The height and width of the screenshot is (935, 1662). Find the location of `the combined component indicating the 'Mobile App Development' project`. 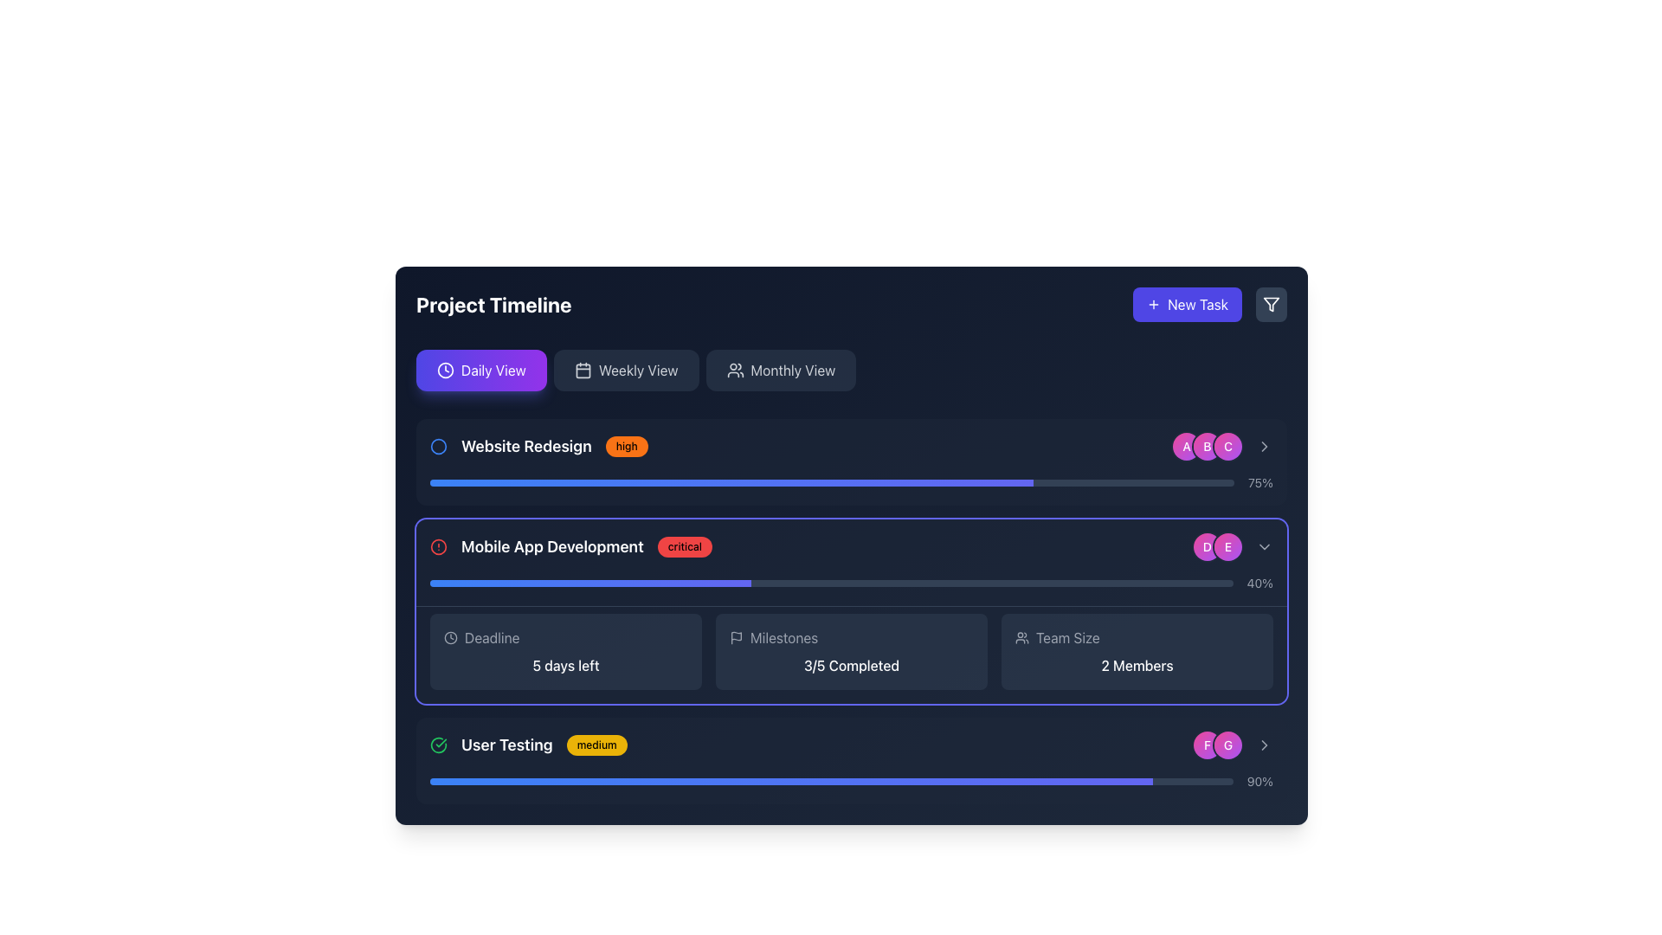

the combined component indicating the 'Mobile App Development' project is located at coordinates (571, 547).